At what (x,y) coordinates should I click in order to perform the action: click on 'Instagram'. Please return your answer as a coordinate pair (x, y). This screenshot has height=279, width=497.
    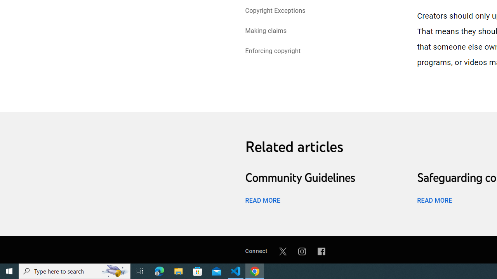
    Looking at the image, I should click on (302, 251).